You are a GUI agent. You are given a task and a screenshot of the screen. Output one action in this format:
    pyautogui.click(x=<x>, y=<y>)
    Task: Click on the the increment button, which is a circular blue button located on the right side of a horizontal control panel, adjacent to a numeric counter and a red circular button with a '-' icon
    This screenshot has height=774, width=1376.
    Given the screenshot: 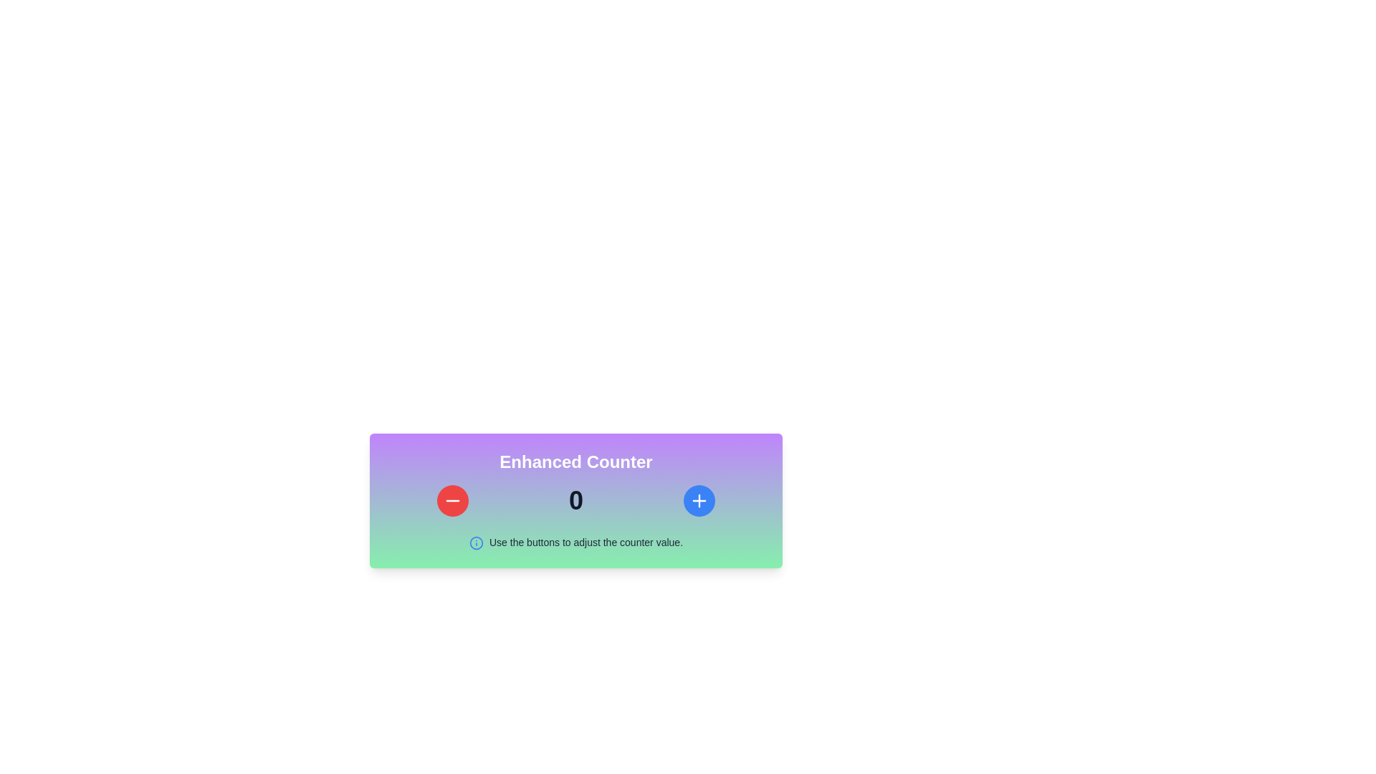 What is the action you would take?
    pyautogui.click(x=699, y=500)
    